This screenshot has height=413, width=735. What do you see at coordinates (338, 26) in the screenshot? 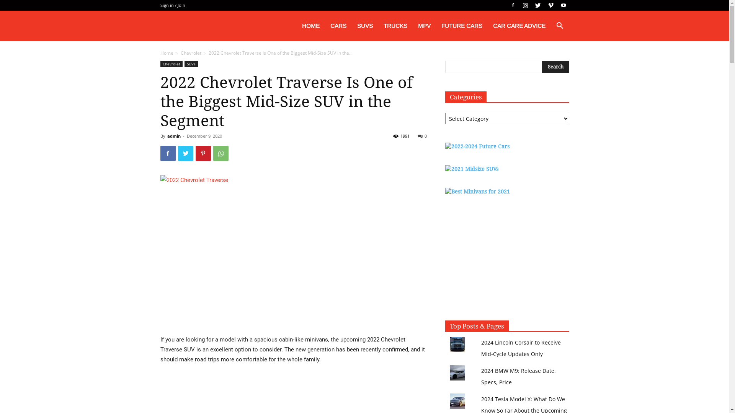
I see `'CARS'` at bounding box center [338, 26].